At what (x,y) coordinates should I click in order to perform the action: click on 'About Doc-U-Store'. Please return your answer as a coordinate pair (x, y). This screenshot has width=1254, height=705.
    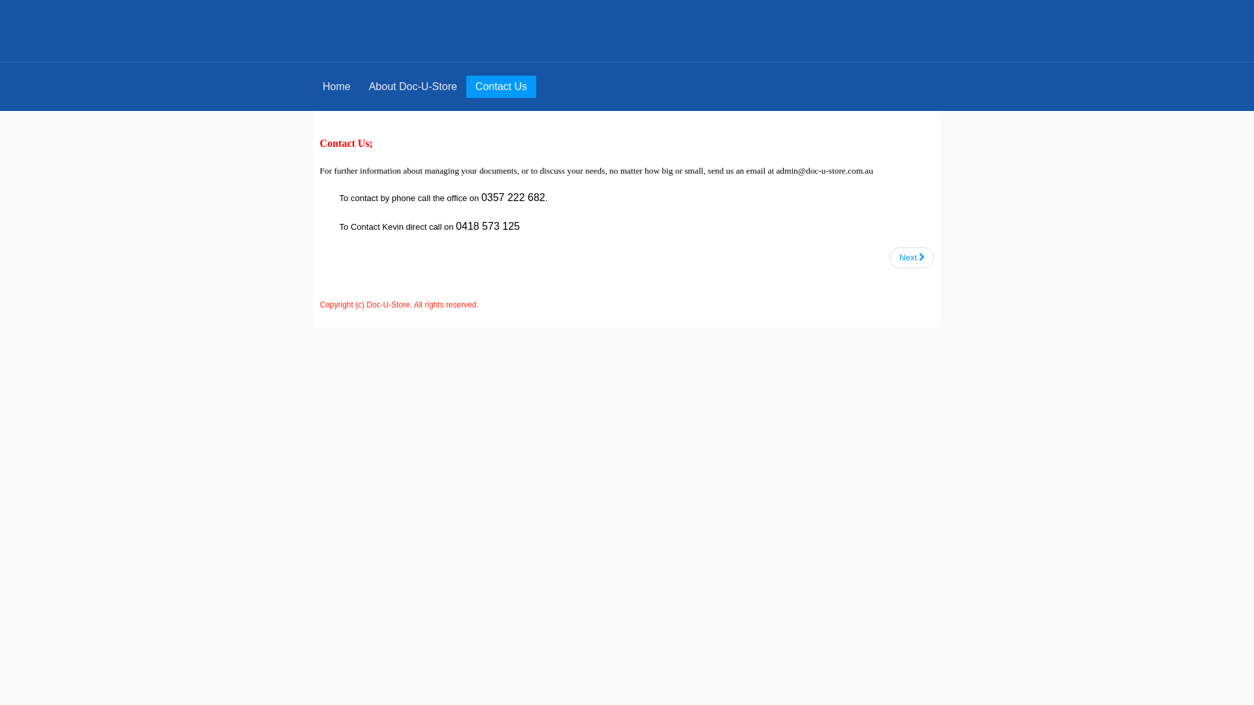
    Looking at the image, I should click on (412, 86).